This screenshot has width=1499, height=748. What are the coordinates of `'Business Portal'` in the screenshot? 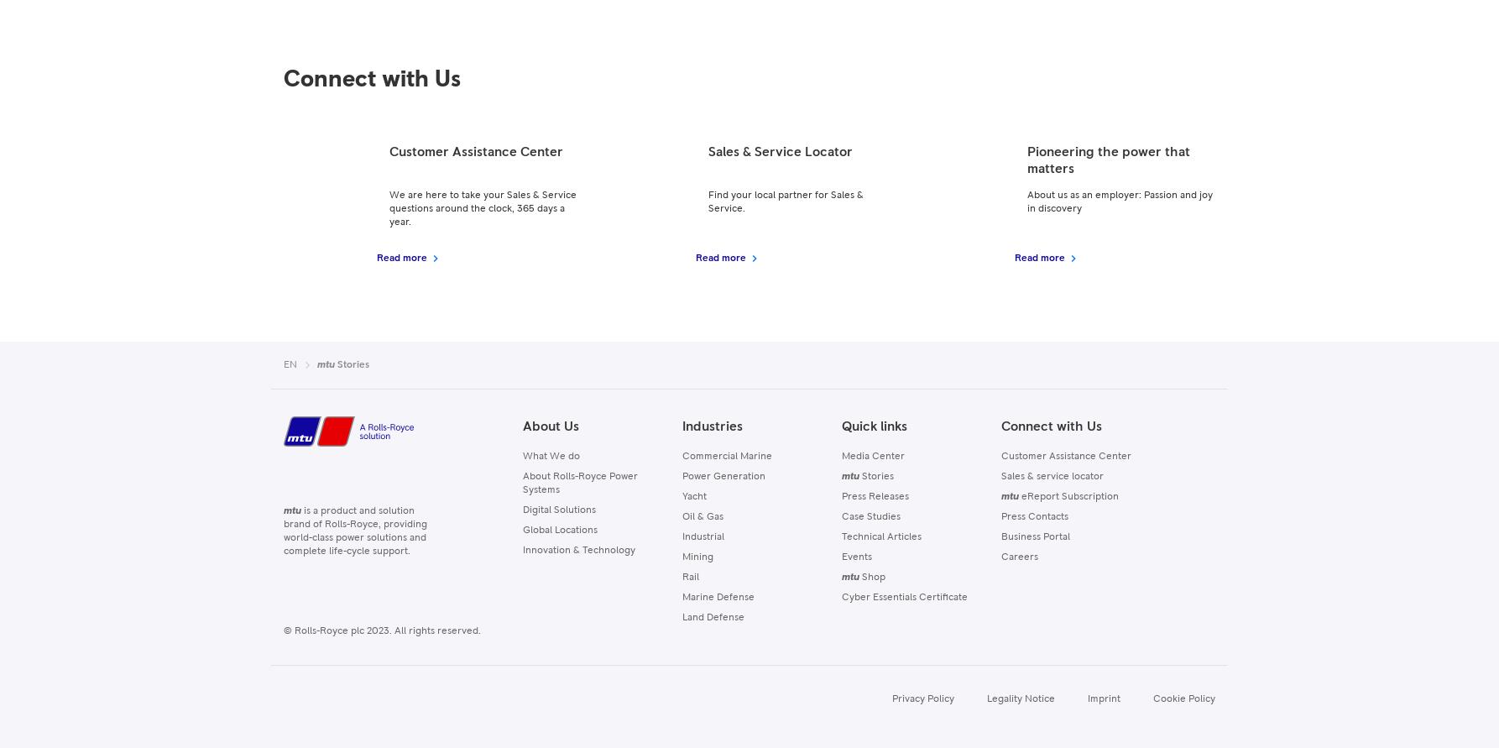 It's located at (1035, 536).